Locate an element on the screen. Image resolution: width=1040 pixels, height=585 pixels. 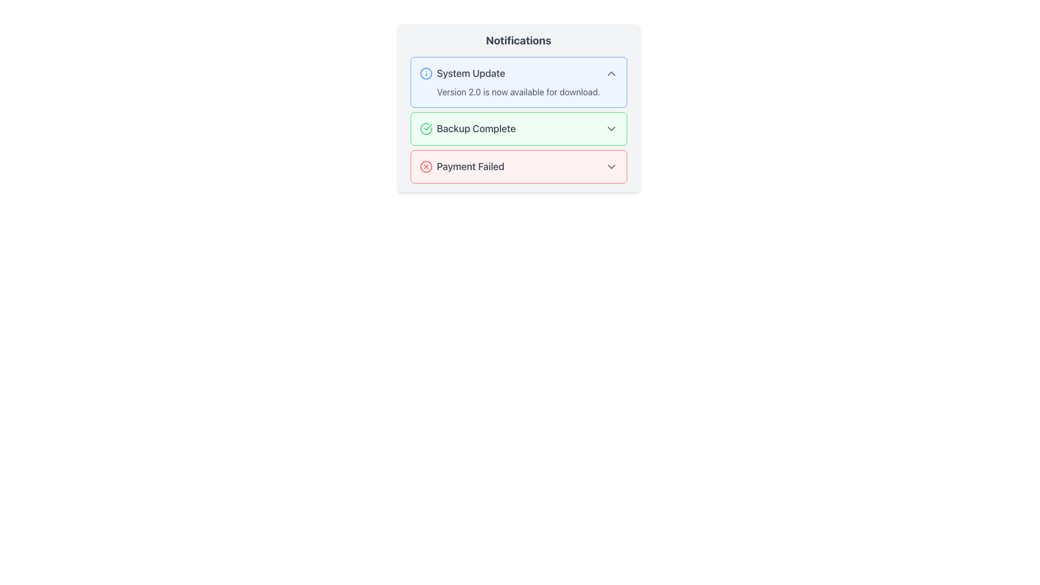
the 'Payment Failed' text label which is styled with medium-weight gray text and has a red circular icon with an 'X' to its left, located in the third notification item of a vertically stacked list is located at coordinates (461, 167).